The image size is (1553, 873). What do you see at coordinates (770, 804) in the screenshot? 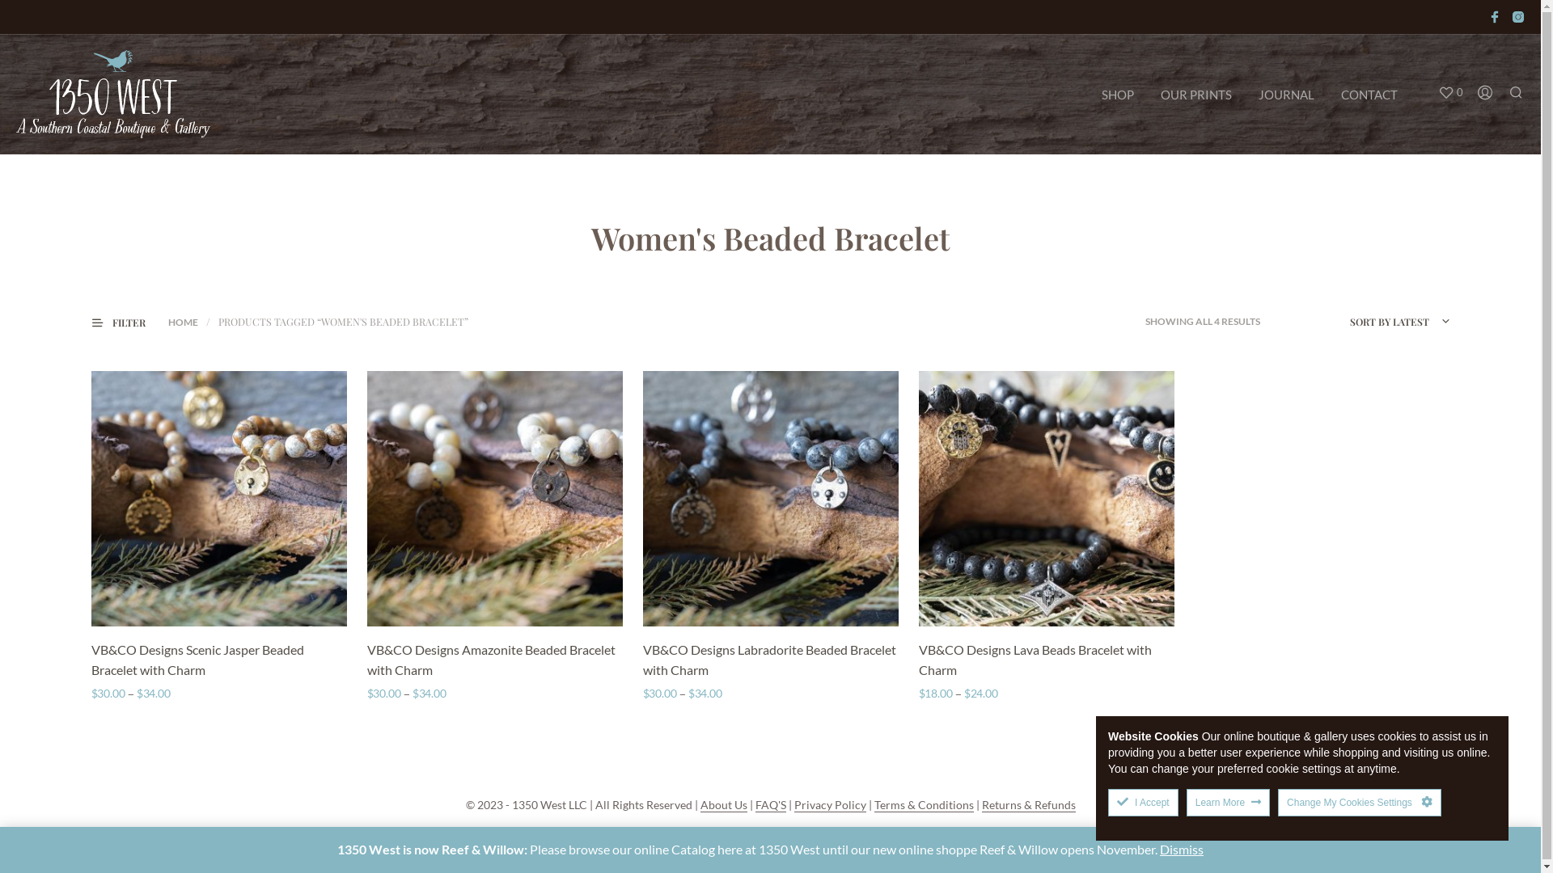
I see `'FAQ'S'` at bounding box center [770, 804].